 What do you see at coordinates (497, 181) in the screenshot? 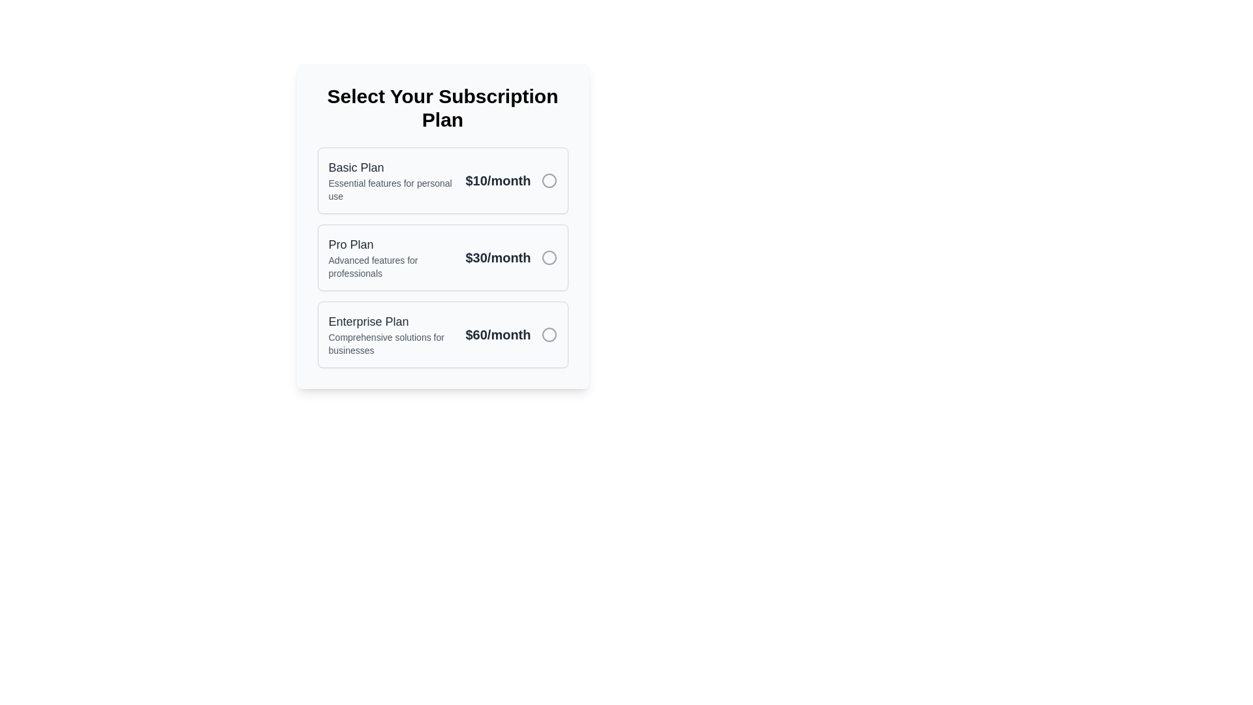
I see `pricing information displayed as '$10/month' in bold gray text within the subscription selection interface for the 'Basic Plan'` at bounding box center [497, 181].